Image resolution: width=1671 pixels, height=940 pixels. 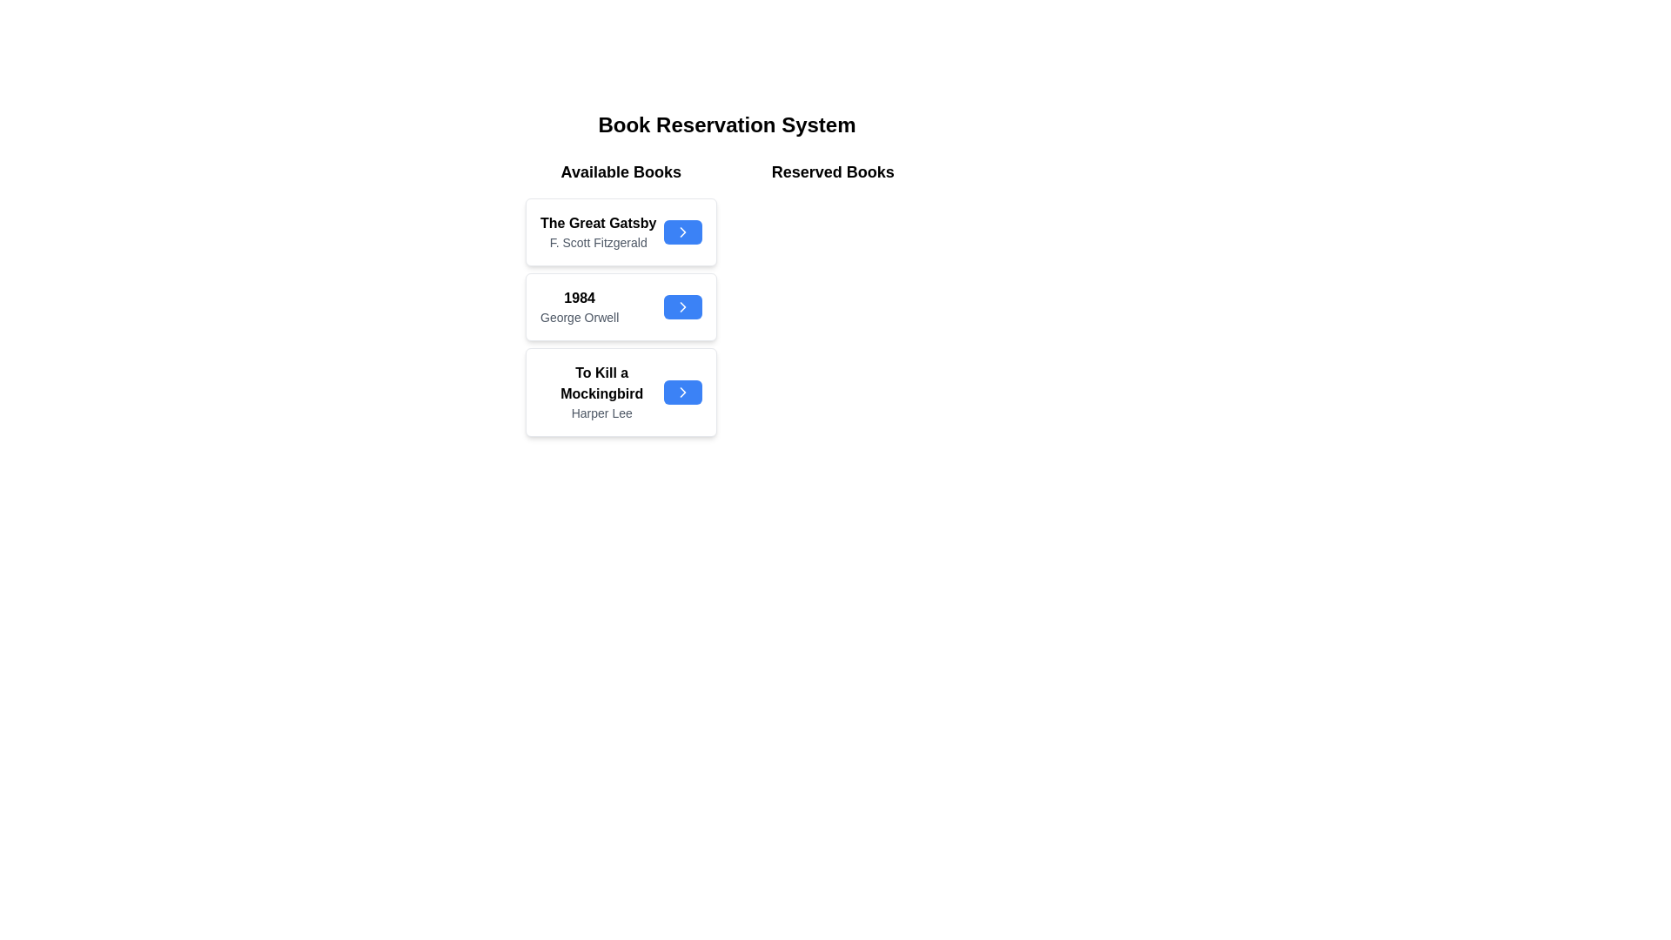 What do you see at coordinates (681, 306) in the screenshot?
I see `the right-pointing chevron icon within the blue circular button in the 'Available Books' list for the book '1984' by George Orwell` at bounding box center [681, 306].